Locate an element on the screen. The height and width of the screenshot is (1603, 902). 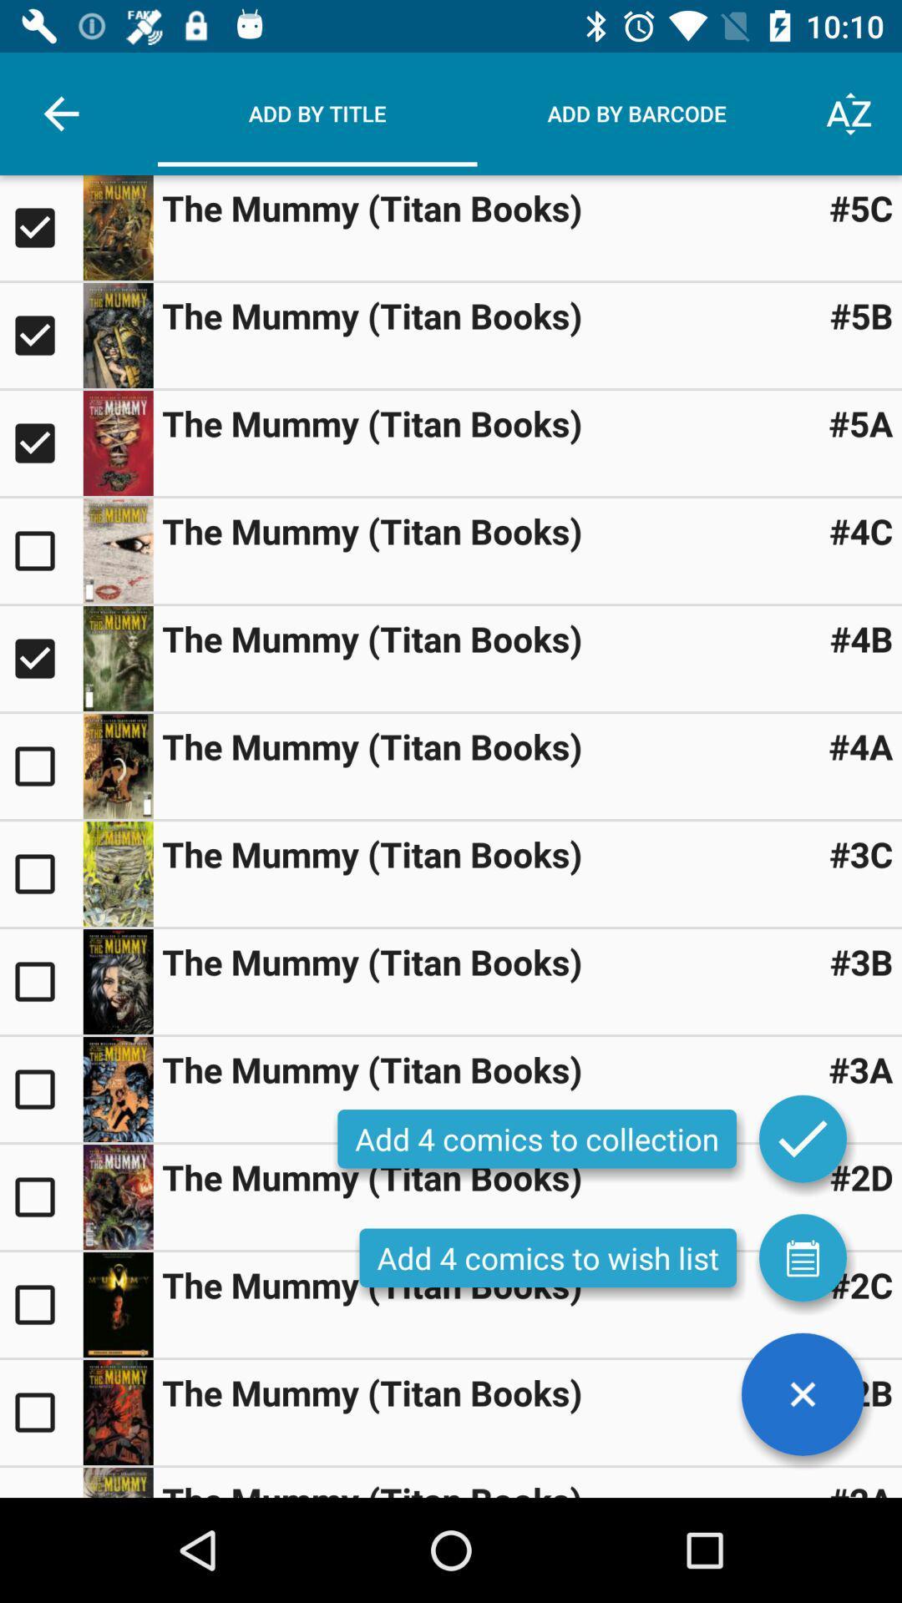
item next to the mummy titan icon is located at coordinates (861, 1284).